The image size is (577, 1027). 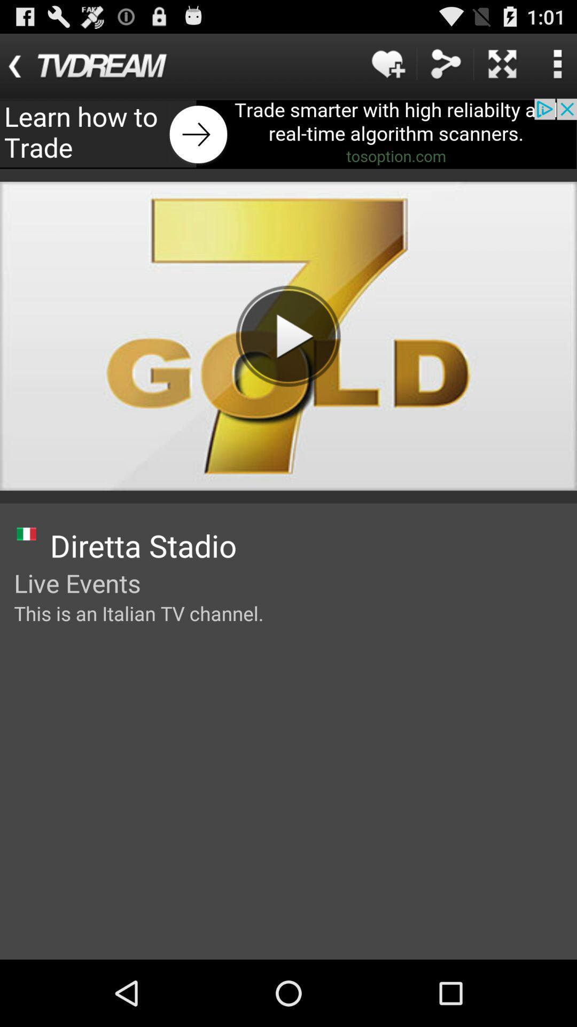 I want to click on the video, so click(x=287, y=335).